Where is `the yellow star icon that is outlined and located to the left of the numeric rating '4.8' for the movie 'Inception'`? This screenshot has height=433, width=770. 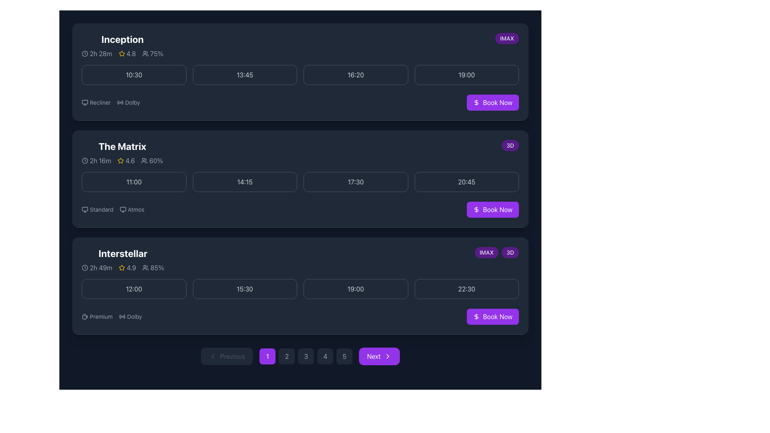
the yellow star icon that is outlined and located to the left of the numeric rating '4.8' for the movie 'Inception' is located at coordinates (121, 54).